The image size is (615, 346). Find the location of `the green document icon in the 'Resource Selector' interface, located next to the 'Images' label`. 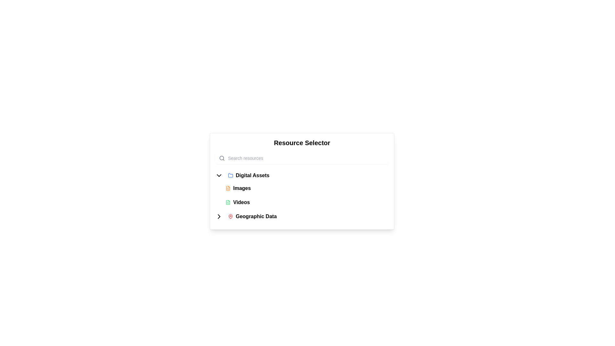

the green document icon in the 'Resource Selector' interface, located next to the 'Images' label is located at coordinates (228, 202).